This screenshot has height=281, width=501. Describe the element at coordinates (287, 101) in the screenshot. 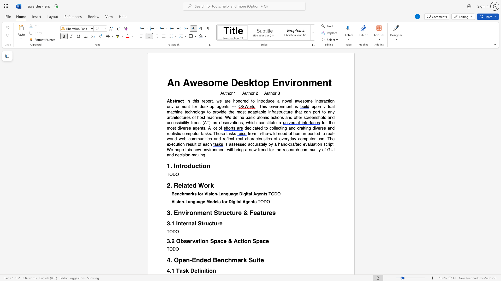

I see `the subset text "vel awesome interaction environment f" within the text "In this report, we are honored to introduce a novel awesome interaction environment for desktop agents ---"` at that location.